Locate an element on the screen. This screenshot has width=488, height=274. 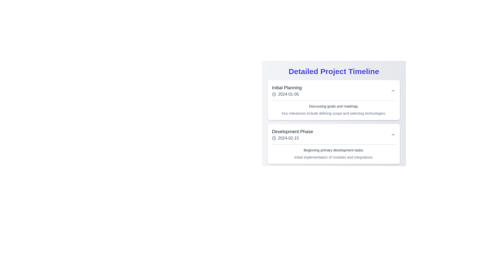
the informational display component labeled 'Development Phase' with associated date '2024-02-15' to interact with surrounding components is located at coordinates (293, 134).